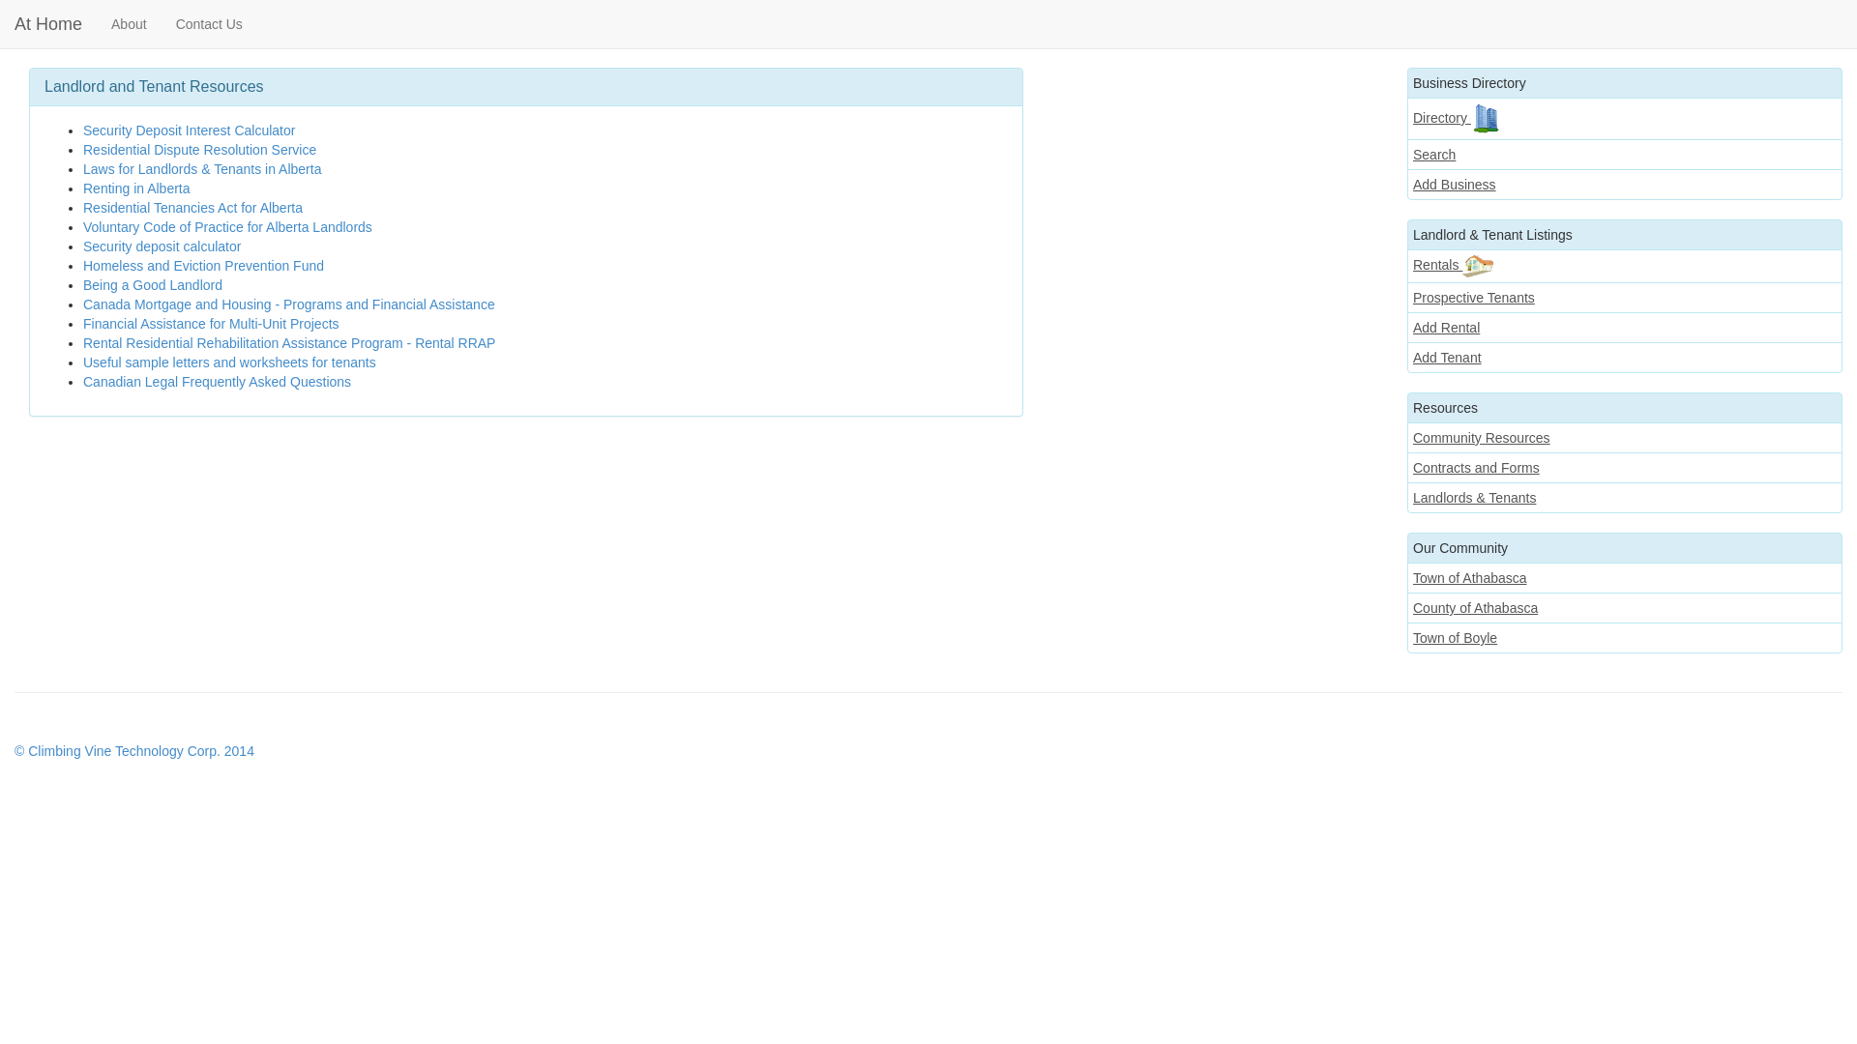  Describe the element at coordinates (1406, 119) in the screenshot. I see `'Directory'` at that location.